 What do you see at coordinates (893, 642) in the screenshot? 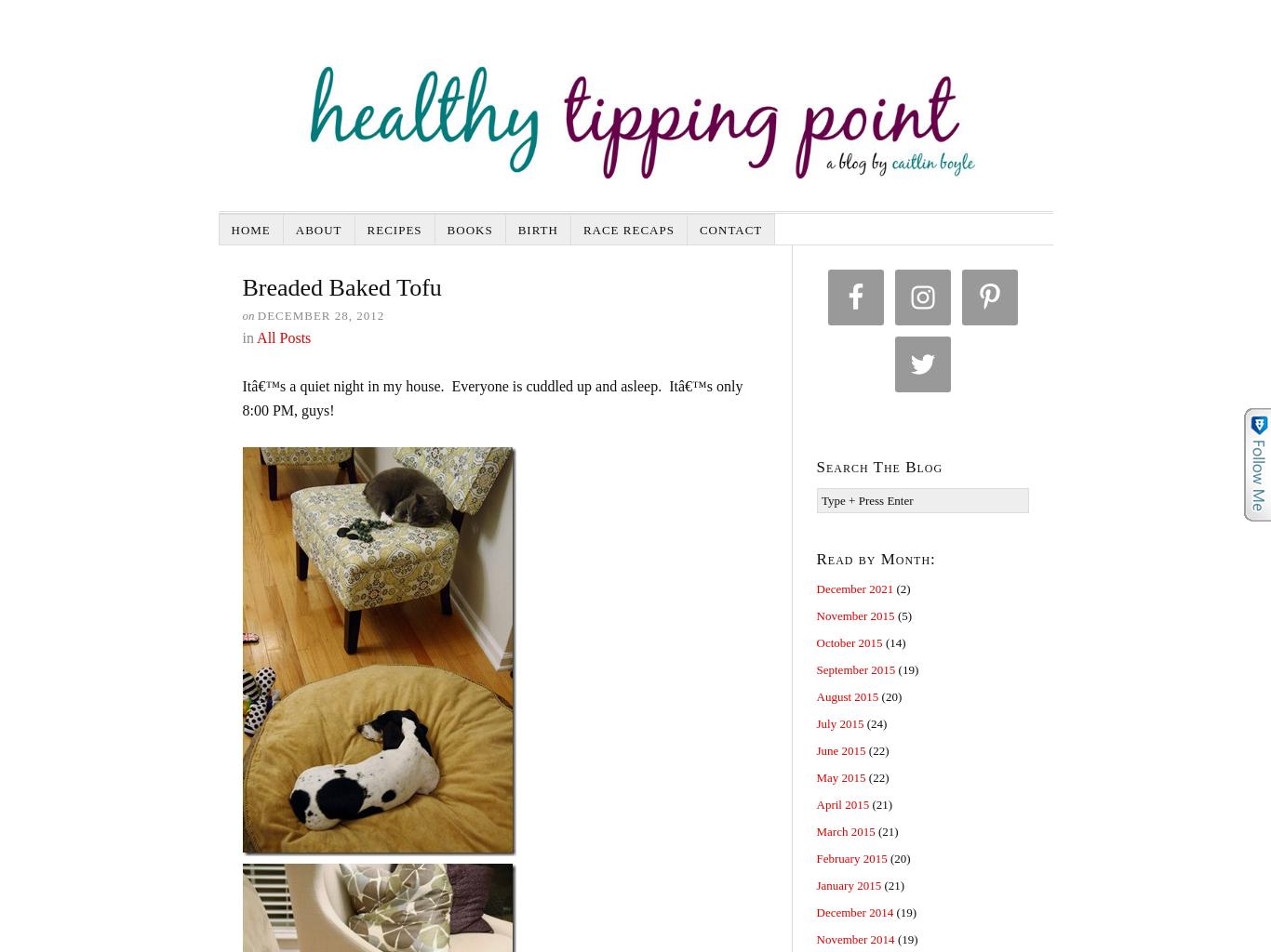
I see `'(14)'` at bounding box center [893, 642].